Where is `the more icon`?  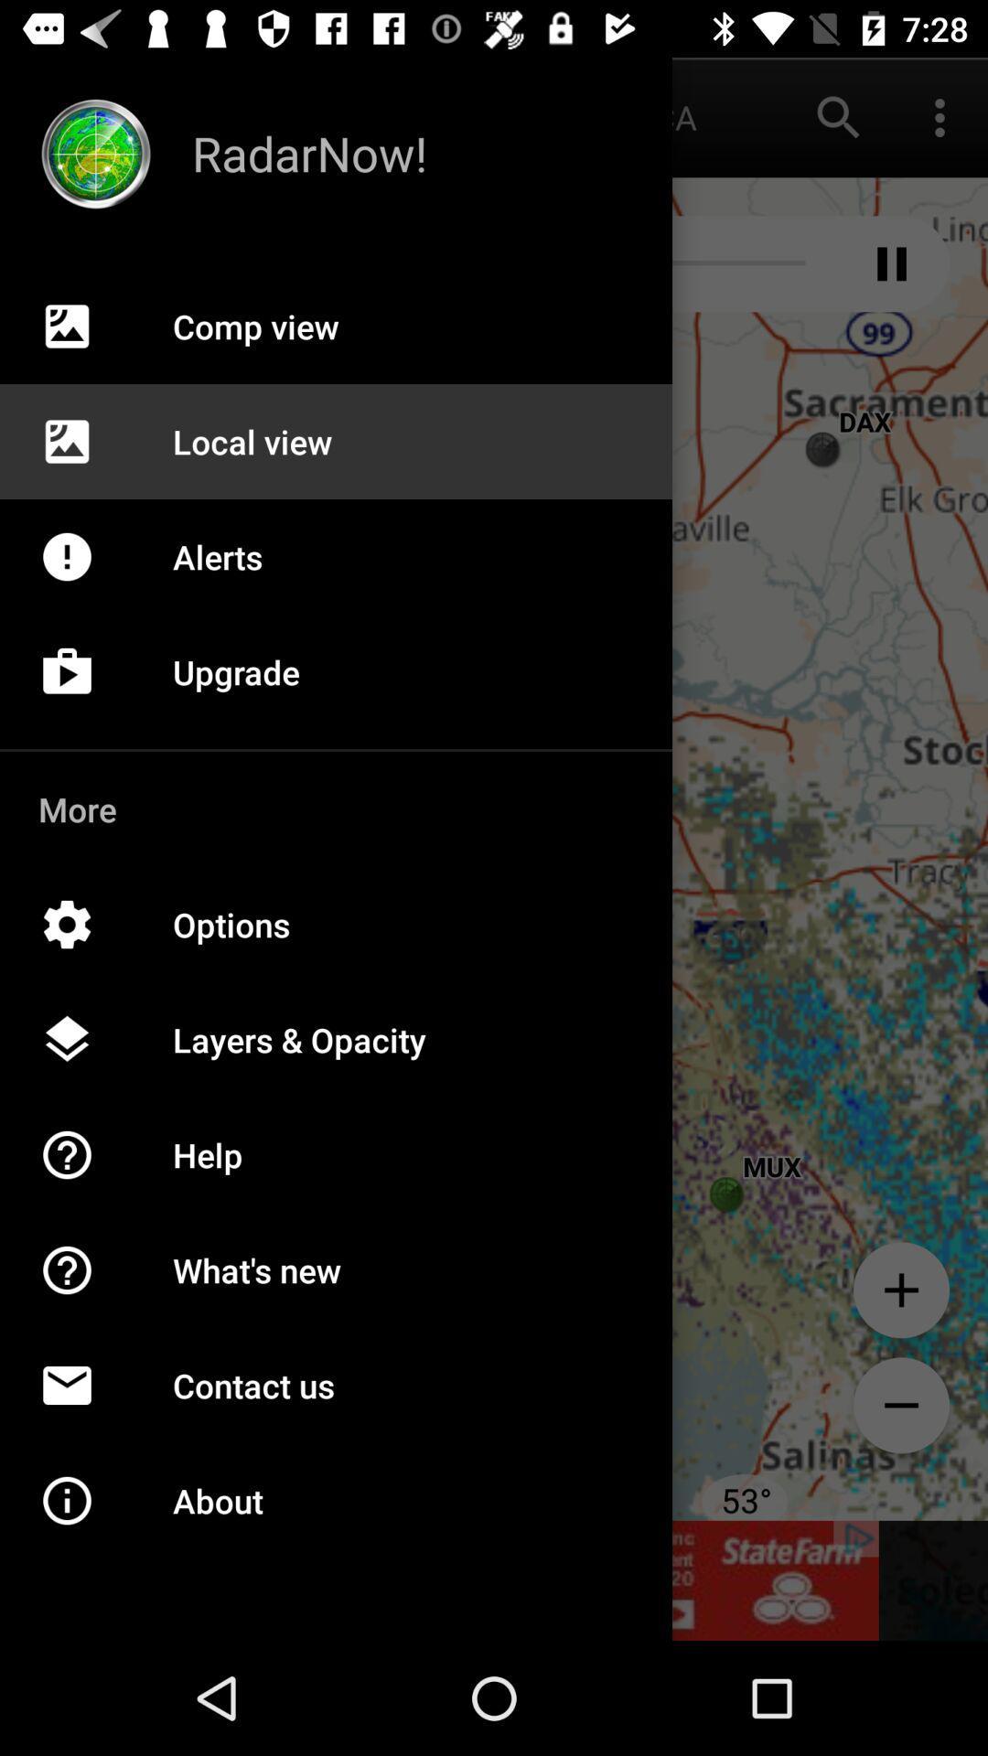
the more icon is located at coordinates (940, 116).